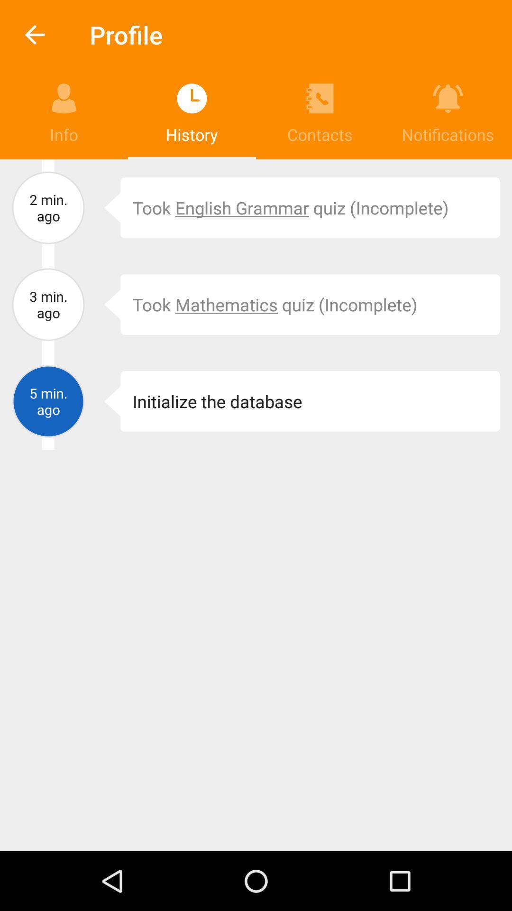  What do you see at coordinates (34, 35) in the screenshot?
I see `the icon to the left of the profile` at bounding box center [34, 35].